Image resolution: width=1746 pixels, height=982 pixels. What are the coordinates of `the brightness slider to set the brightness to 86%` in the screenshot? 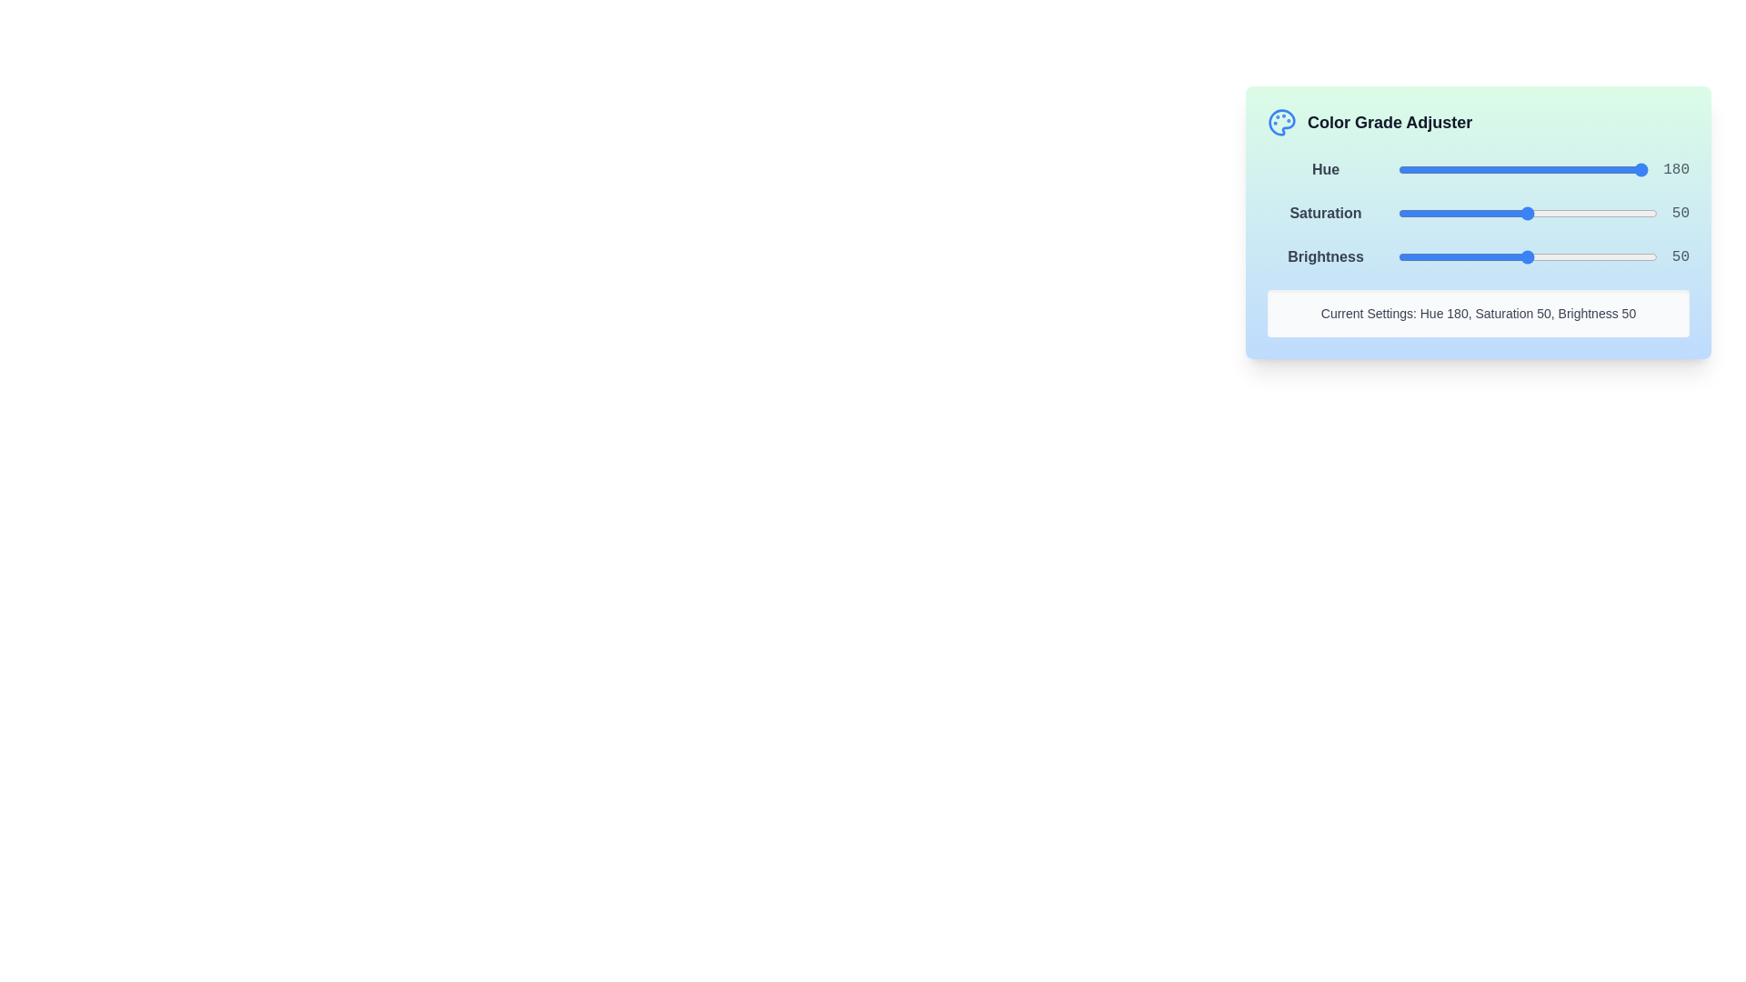 It's located at (1621, 256).